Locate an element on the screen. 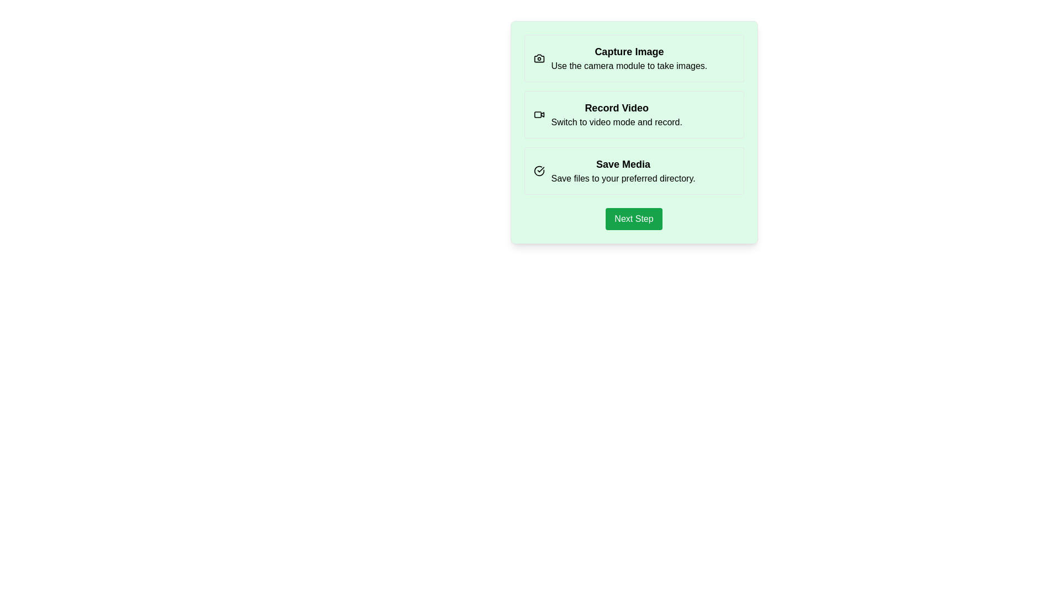 Image resolution: width=1060 pixels, height=596 pixels. the camera icon located in the upper area of the 'Capture Image' card, which is positioned leftmost in the horizontal layout is located at coordinates (539, 58).